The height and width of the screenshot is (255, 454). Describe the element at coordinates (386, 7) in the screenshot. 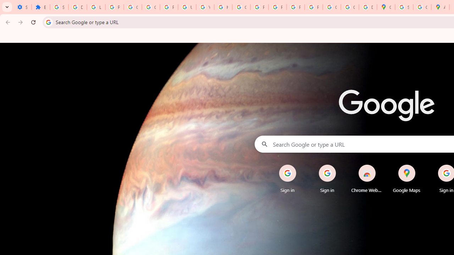

I see `'Google Maps'` at that location.